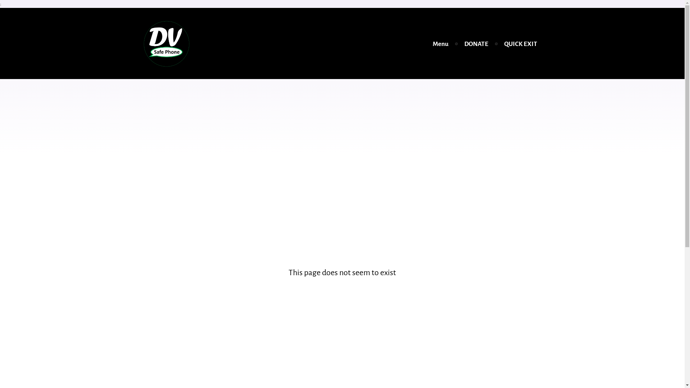  What do you see at coordinates (460, 44) in the screenshot?
I see `'DONATE'` at bounding box center [460, 44].